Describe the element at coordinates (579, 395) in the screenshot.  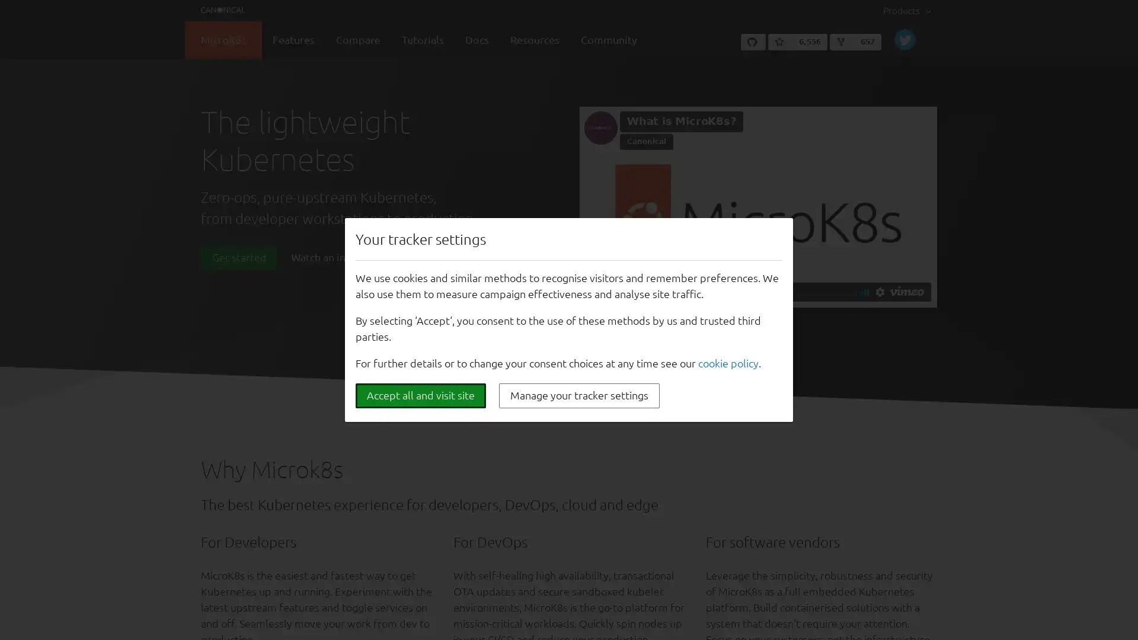
I see `Manage your tracker settings` at that location.